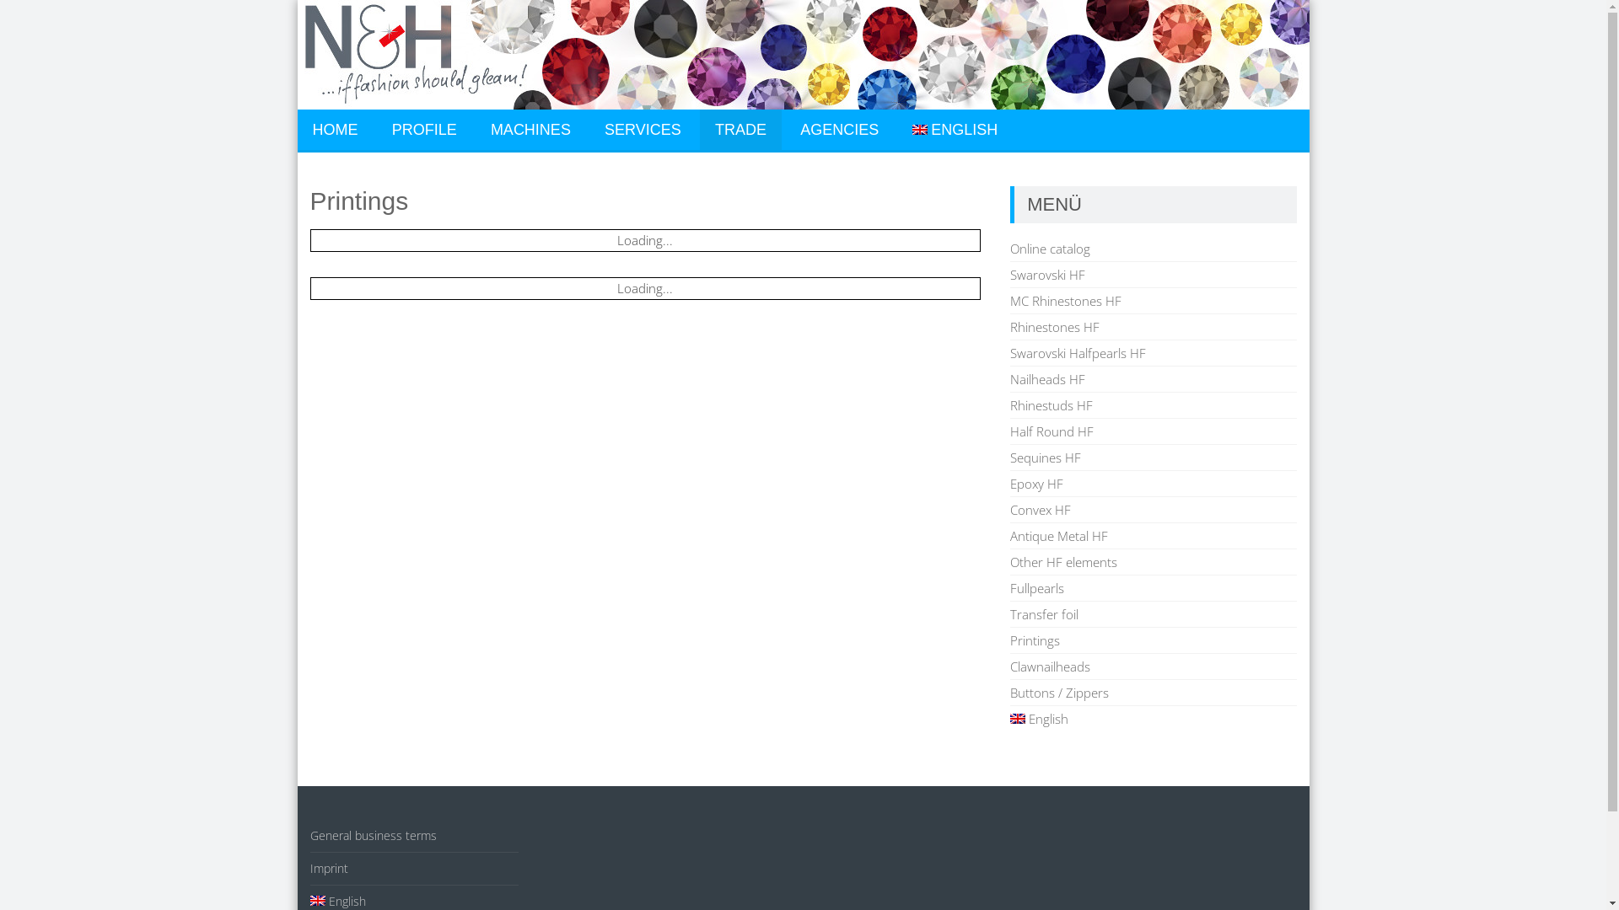 Image resolution: width=1619 pixels, height=910 pixels. What do you see at coordinates (1049, 665) in the screenshot?
I see `'Clawnailheads'` at bounding box center [1049, 665].